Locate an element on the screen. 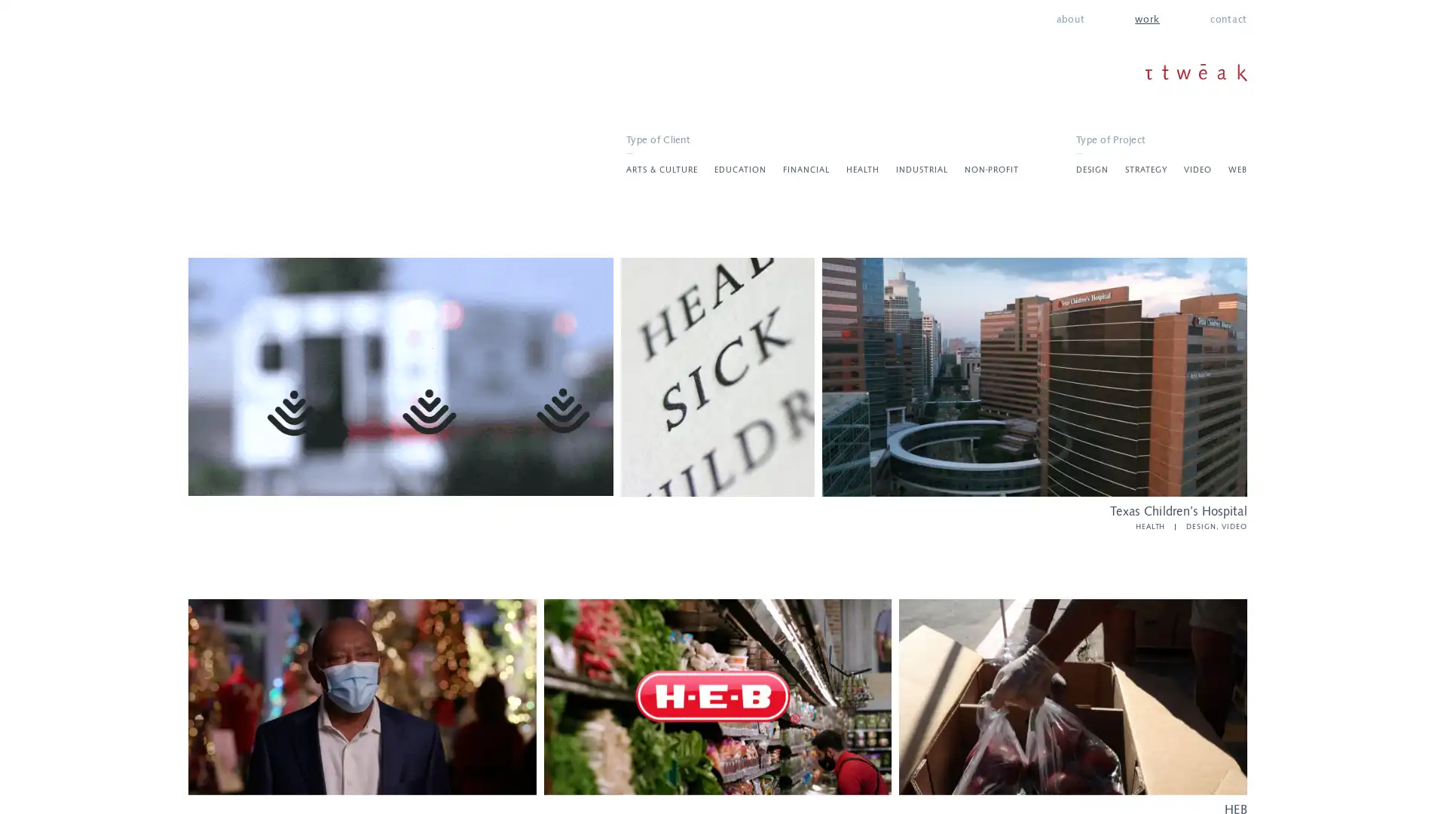 The width and height of the screenshot is (1447, 814). ARTS & CULTURE is located at coordinates (662, 170).